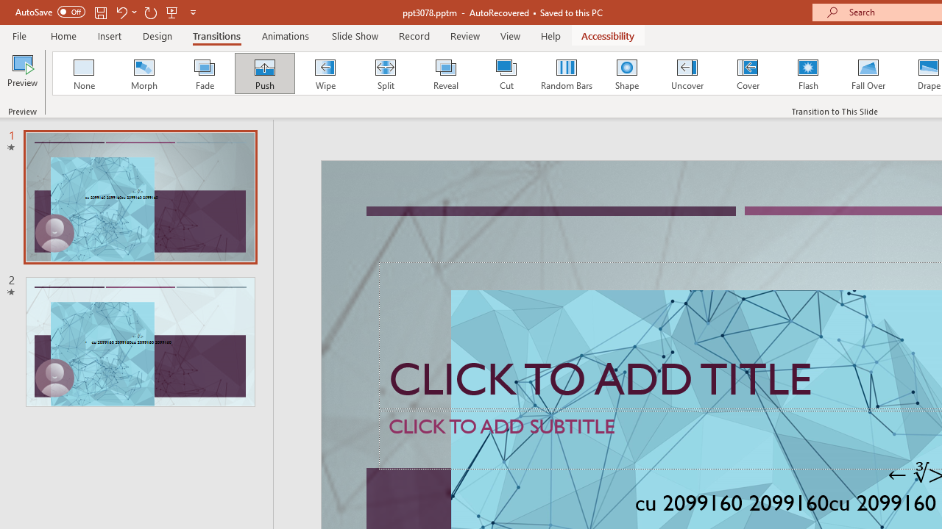 The height and width of the screenshot is (529, 942). Describe the element at coordinates (687, 73) in the screenshot. I see `'Uncover'` at that location.